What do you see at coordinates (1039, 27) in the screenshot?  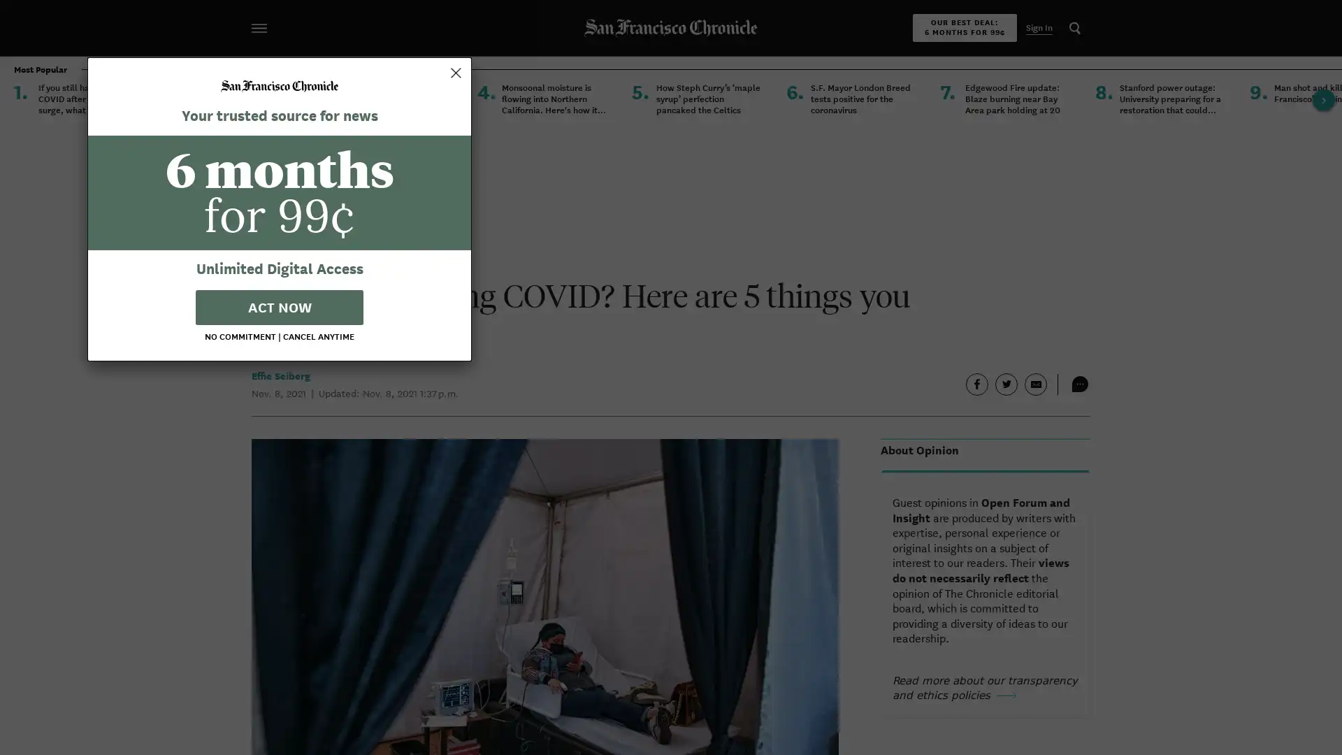 I see `Sign In` at bounding box center [1039, 27].